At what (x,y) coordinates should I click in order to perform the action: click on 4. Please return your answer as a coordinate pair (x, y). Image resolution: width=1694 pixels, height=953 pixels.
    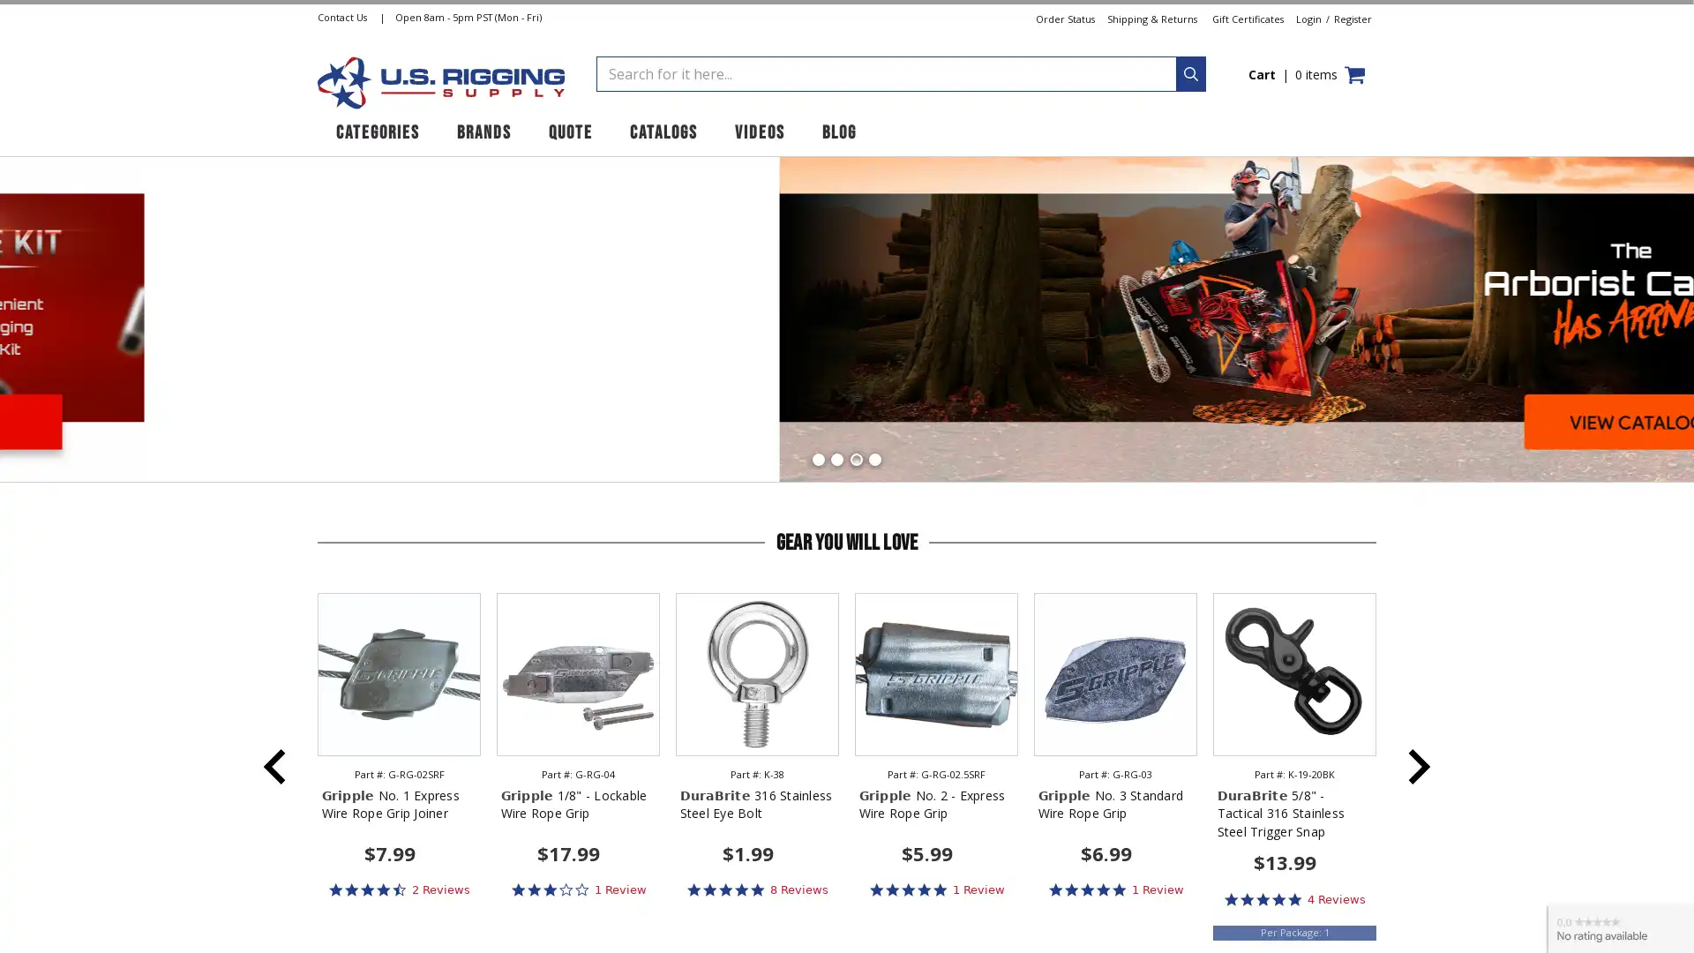
    Looking at the image, I should click on (873, 458).